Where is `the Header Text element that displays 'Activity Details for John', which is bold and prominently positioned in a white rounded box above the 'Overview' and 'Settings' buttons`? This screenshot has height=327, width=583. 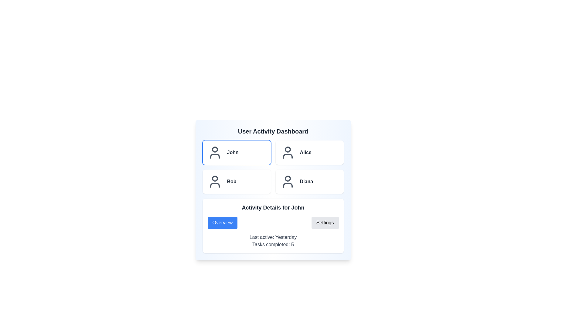 the Header Text element that displays 'Activity Details for John', which is bold and prominently positioned in a white rounded box above the 'Overview' and 'Settings' buttons is located at coordinates (273, 207).